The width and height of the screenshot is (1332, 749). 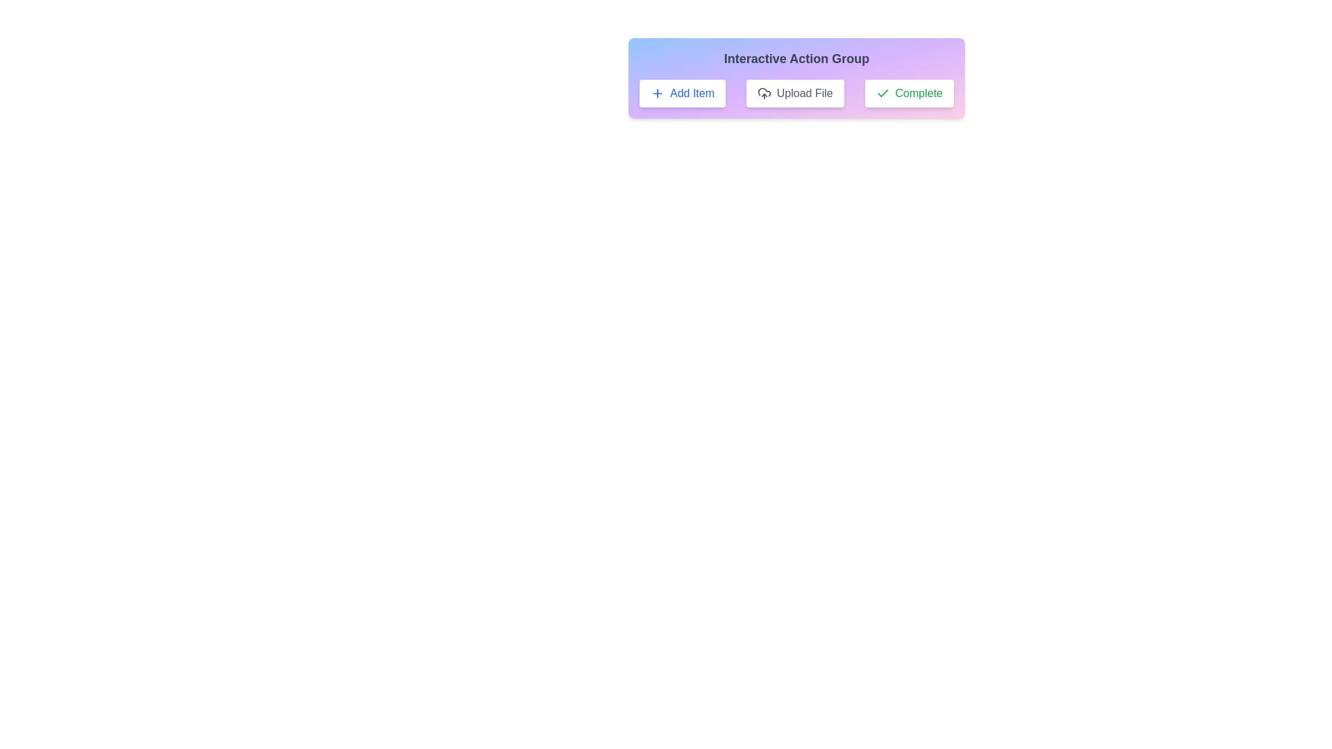 I want to click on the plus (+) icon within the 'Add Item' button located at the top left of the 'Interactive Action Group', so click(x=657, y=94).